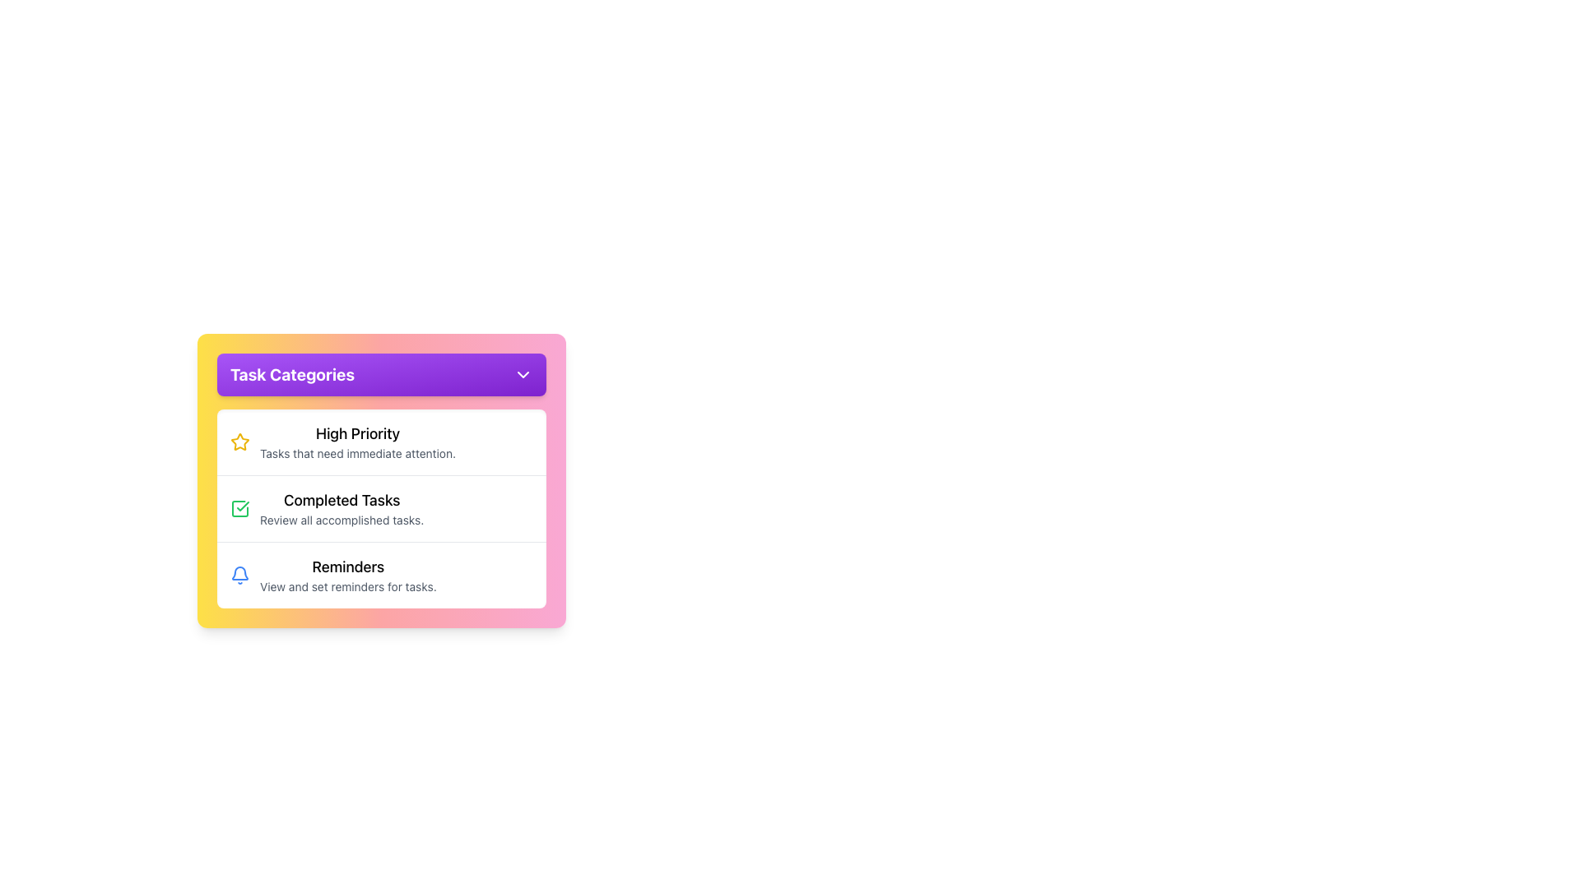 The height and width of the screenshot is (888, 1580). I want to click on the reminder-related list item with a blue bell icon and the heading 'Reminders' located in the bottommost section of the 'Task Categories' card, so click(381, 573).